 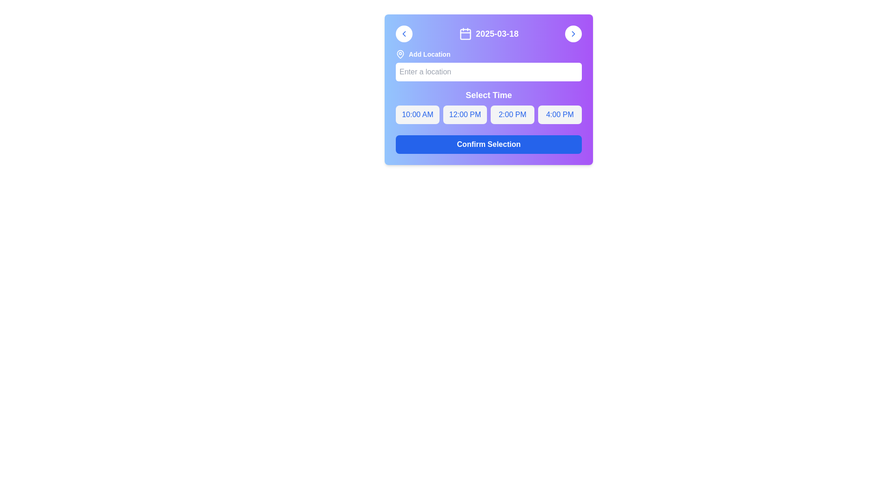 What do you see at coordinates (560, 114) in the screenshot?
I see `the fourth time-selection button labeled '4:00 PM'` at bounding box center [560, 114].